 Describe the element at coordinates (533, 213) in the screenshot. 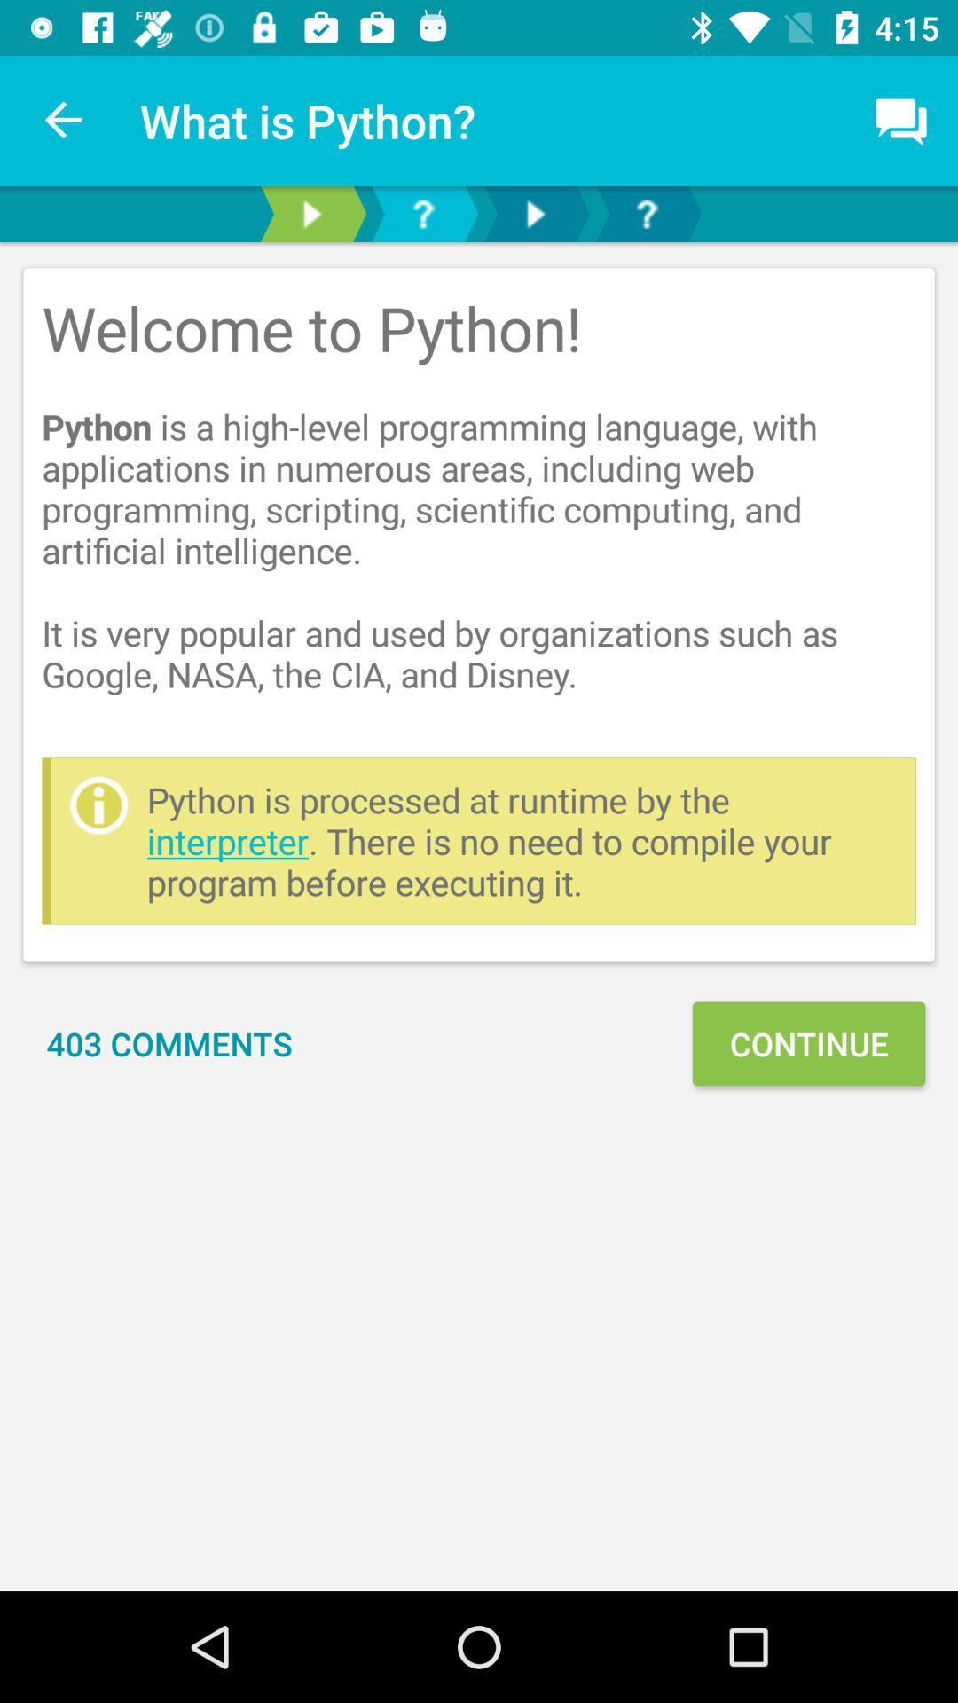

I see `next button or forward button` at that location.